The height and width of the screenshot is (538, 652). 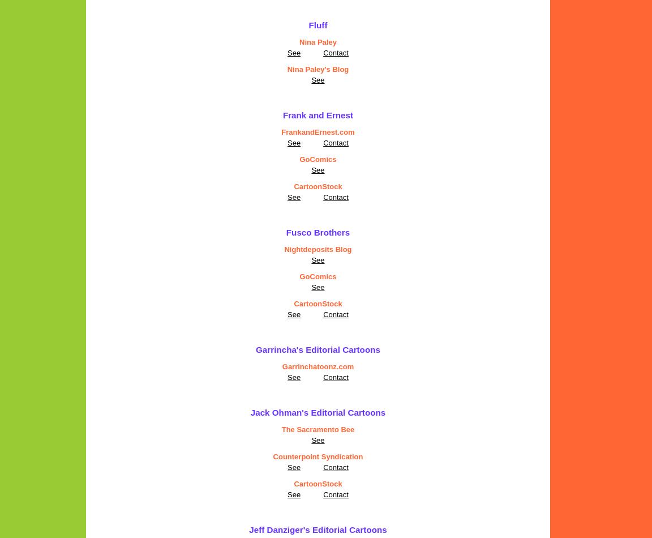 I want to click on 'Garrinchatoonz.com', so click(x=282, y=366).